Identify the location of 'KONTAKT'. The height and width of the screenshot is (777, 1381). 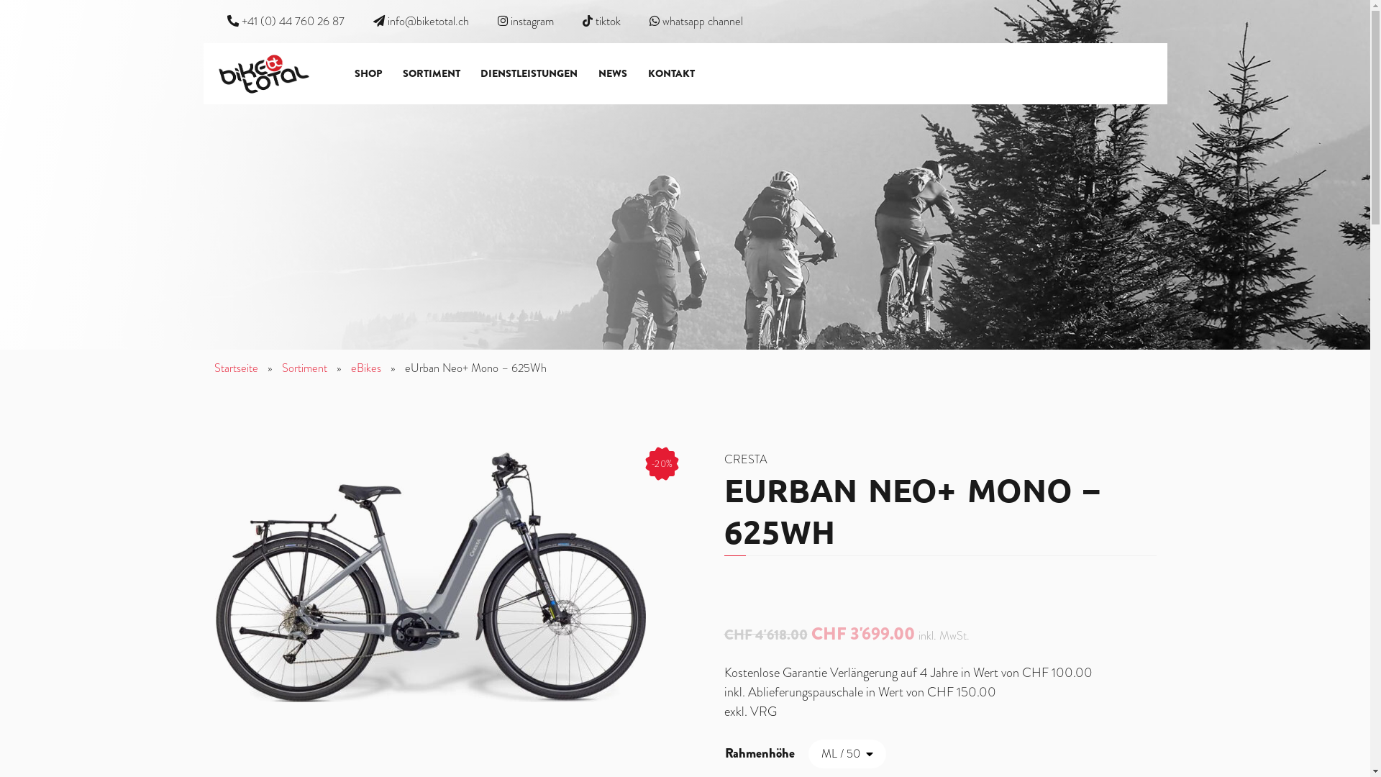
(670, 73).